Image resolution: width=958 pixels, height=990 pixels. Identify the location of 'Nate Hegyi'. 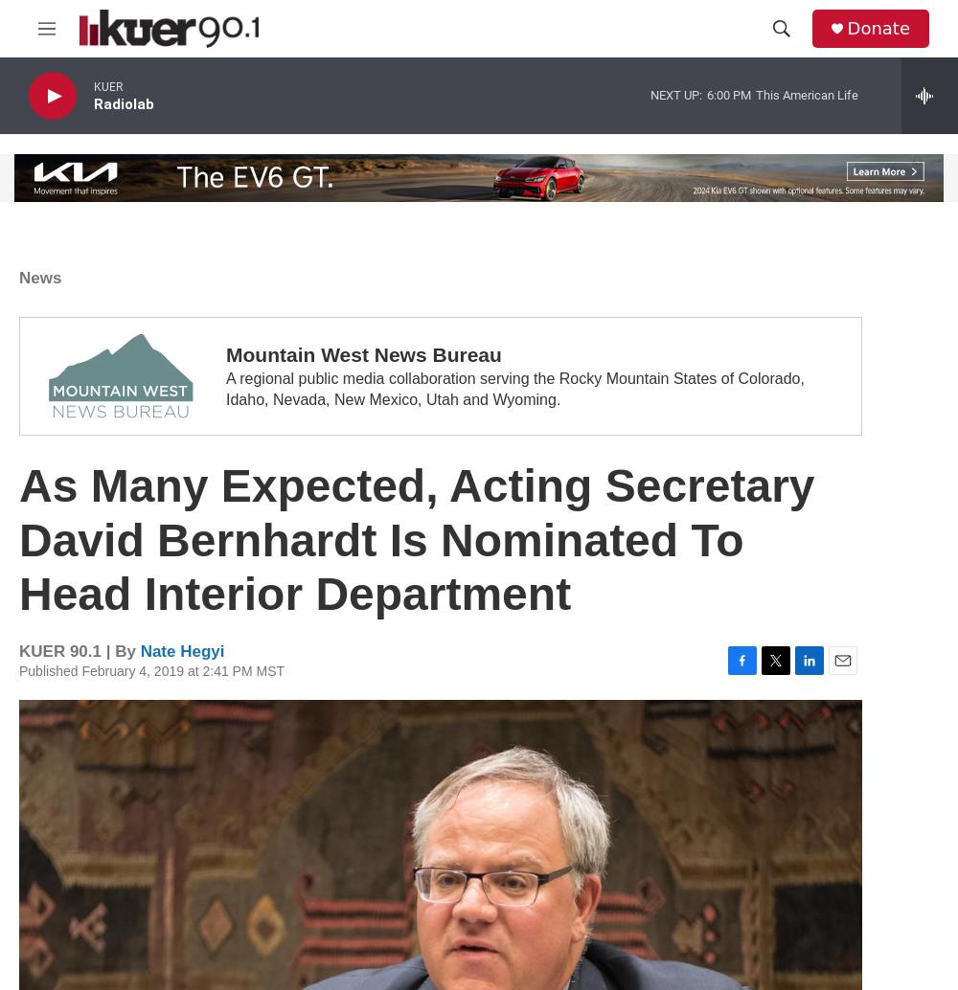
(181, 650).